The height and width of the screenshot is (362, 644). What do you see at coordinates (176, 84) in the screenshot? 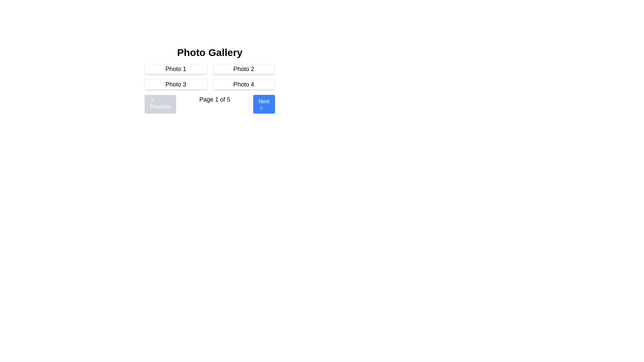
I see `the text label displaying 'Photo 3', which is located in the second row and first column of a 2x2 grid layout` at bounding box center [176, 84].